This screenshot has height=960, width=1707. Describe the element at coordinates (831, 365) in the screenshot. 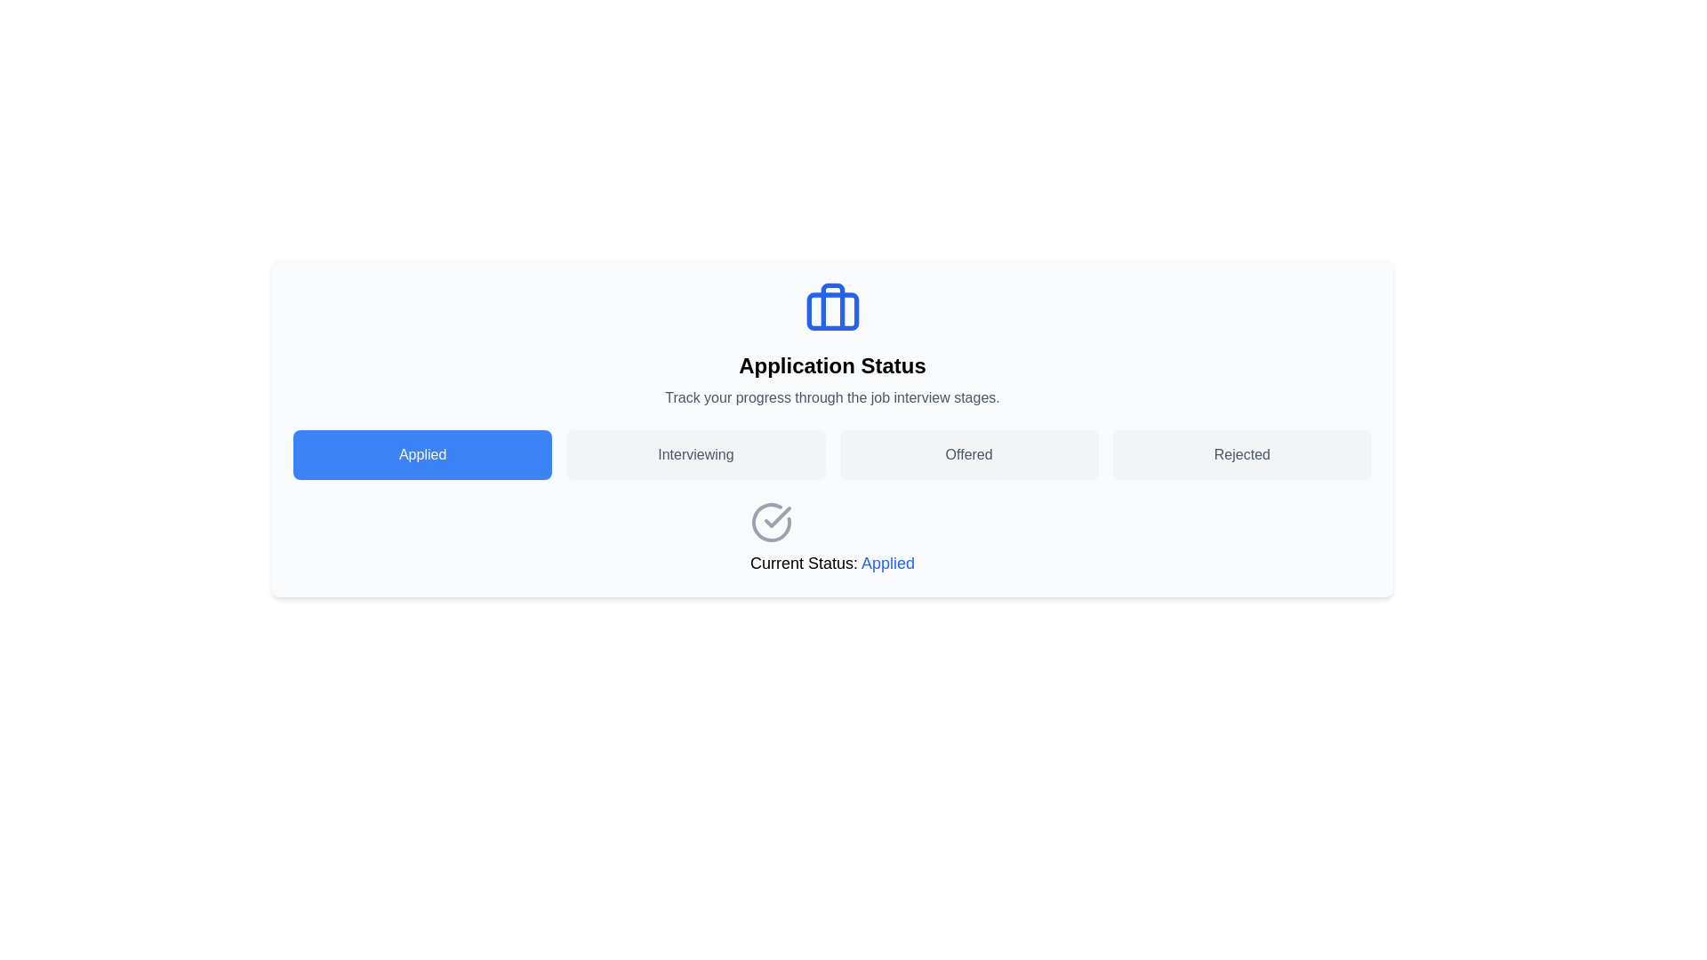

I see `text label 'Application Status' which is a bold heading located at the top center of the page, beneath a blue gift box icon` at that location.